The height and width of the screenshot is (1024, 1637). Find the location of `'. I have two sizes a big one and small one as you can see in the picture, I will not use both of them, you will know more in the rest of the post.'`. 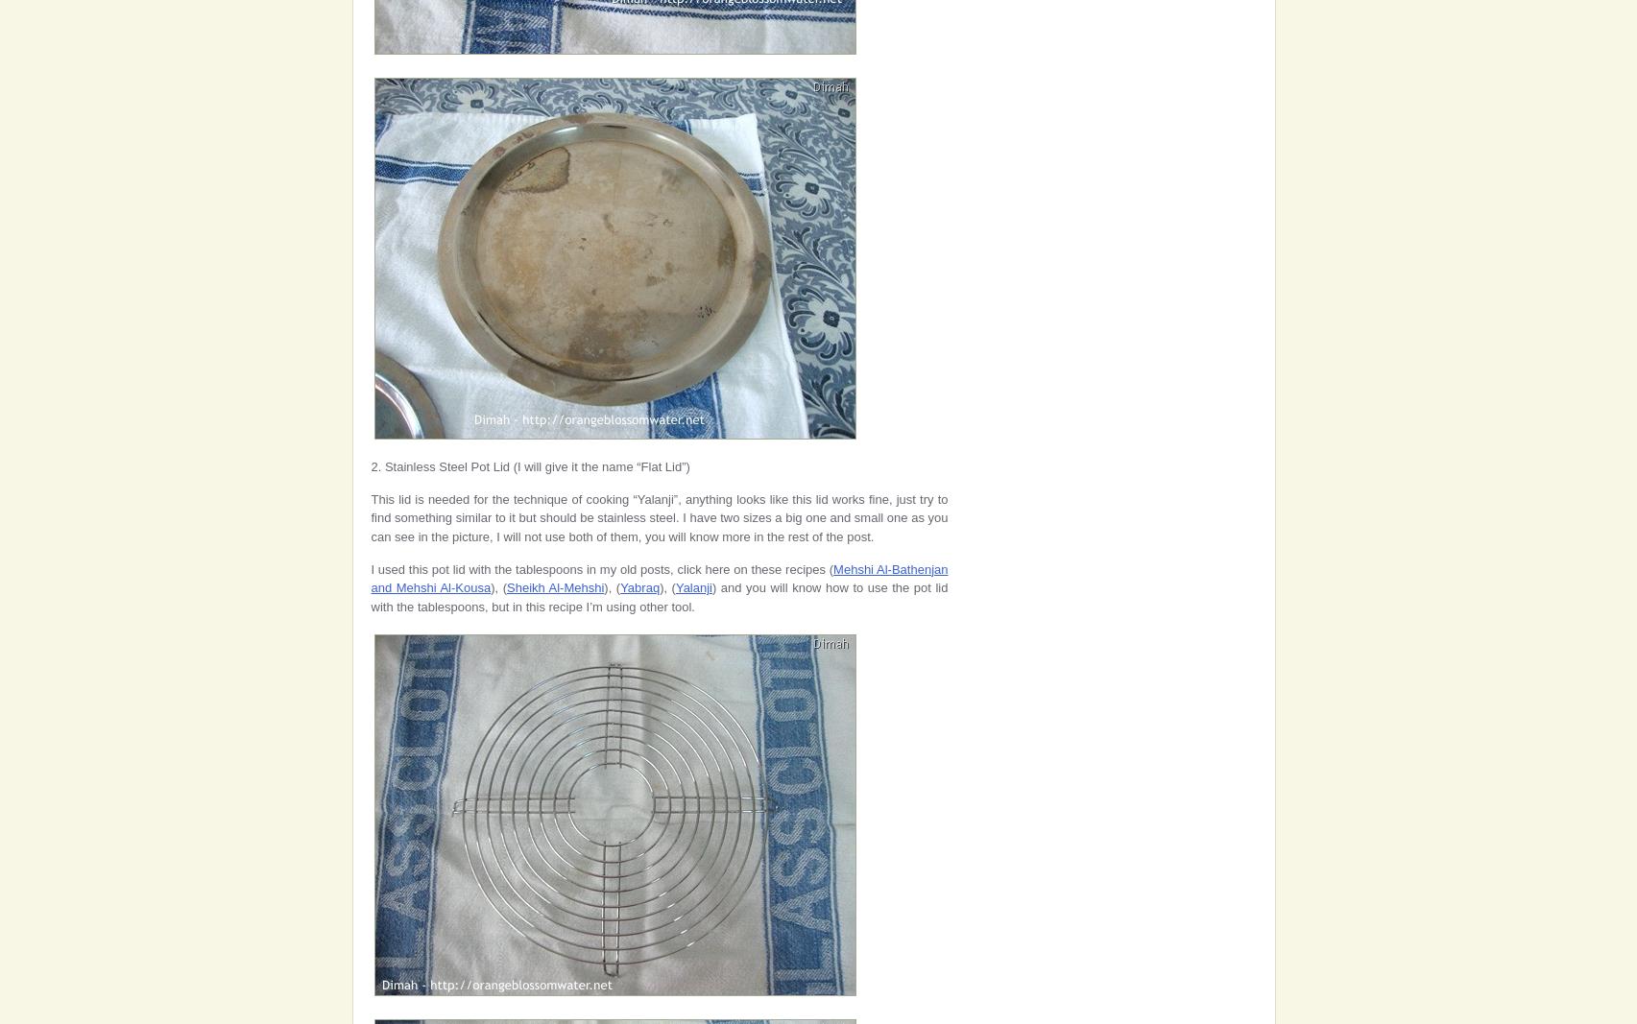

'. I have two sizes a big one and small one as you can see in the picture, I will not use both of them, you will know more in the rest of the post.' is located at coordinates (659, 526).